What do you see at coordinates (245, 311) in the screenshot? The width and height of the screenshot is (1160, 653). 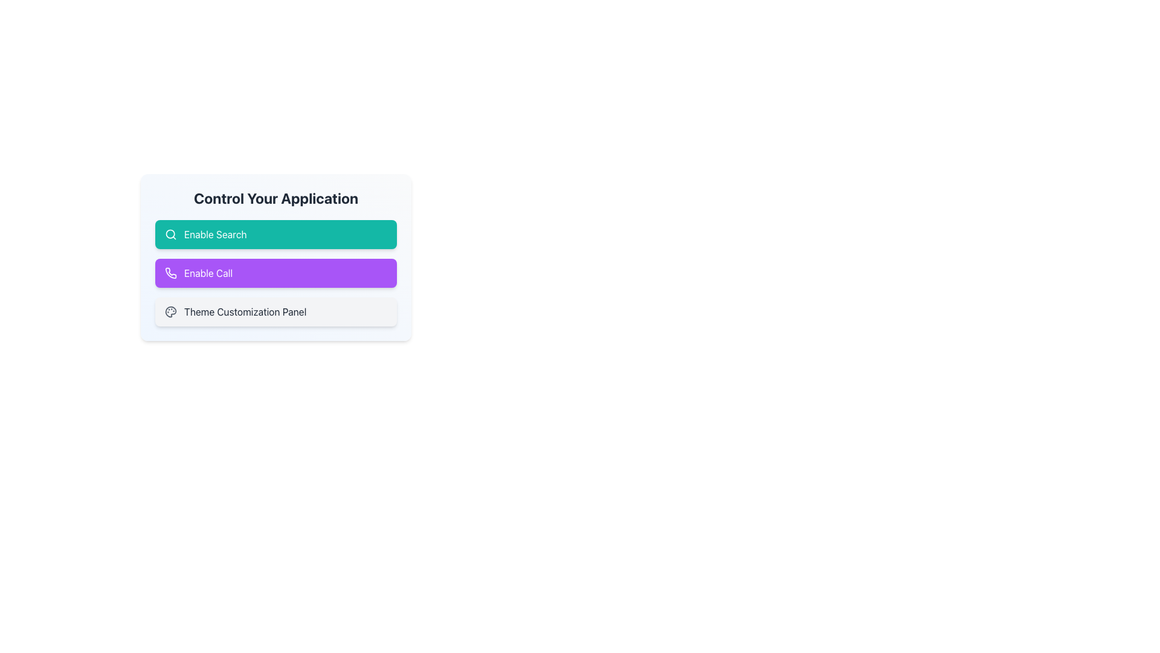 I see `the text label that describes the associated clickable area for accessing the Theme Customization Panel, located beneath the 'Enable Call' button` at bounding box center [245, 311].